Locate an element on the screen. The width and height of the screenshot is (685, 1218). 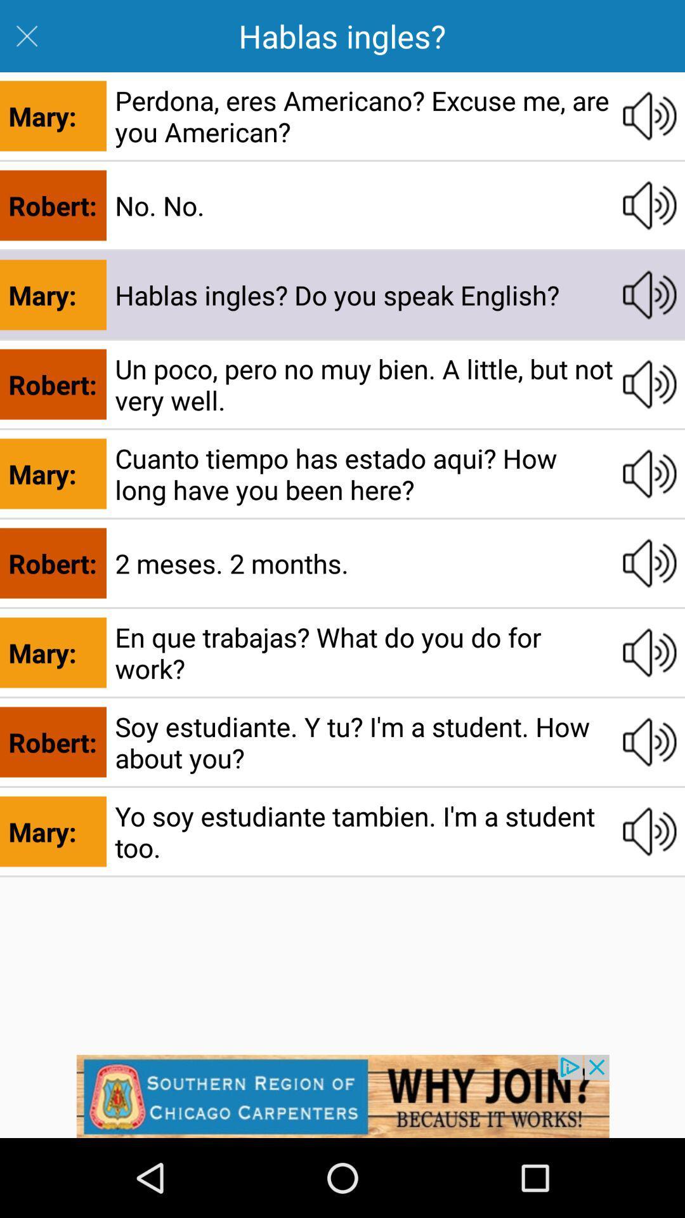
the close icon is located at coordinates (27, 36).